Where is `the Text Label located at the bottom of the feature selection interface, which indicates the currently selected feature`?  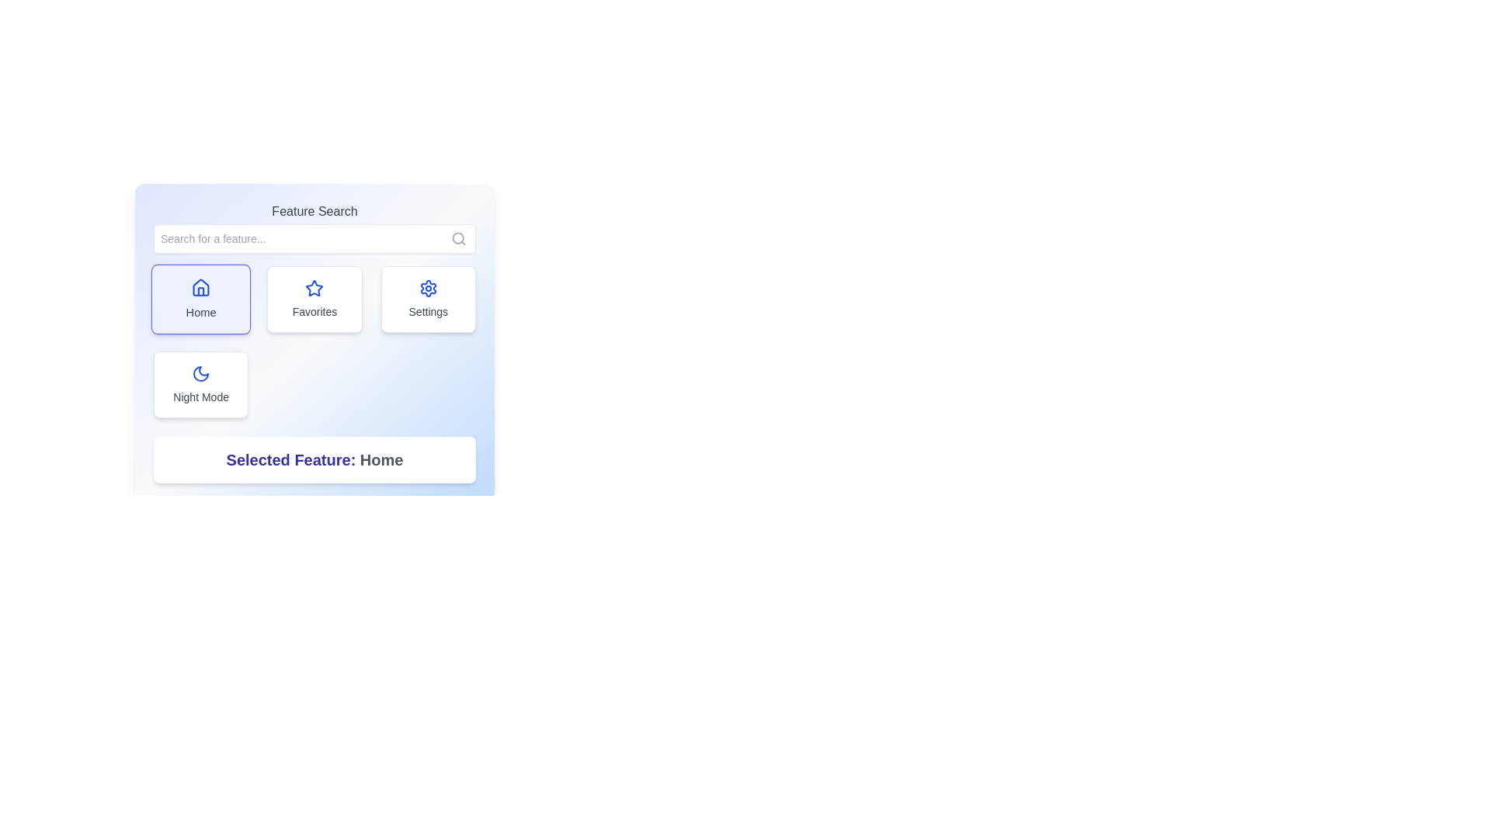
the Text Label located at the bottom of the feature selection interface, which indicates the currently selected feature is located at coordinates (314, 459).